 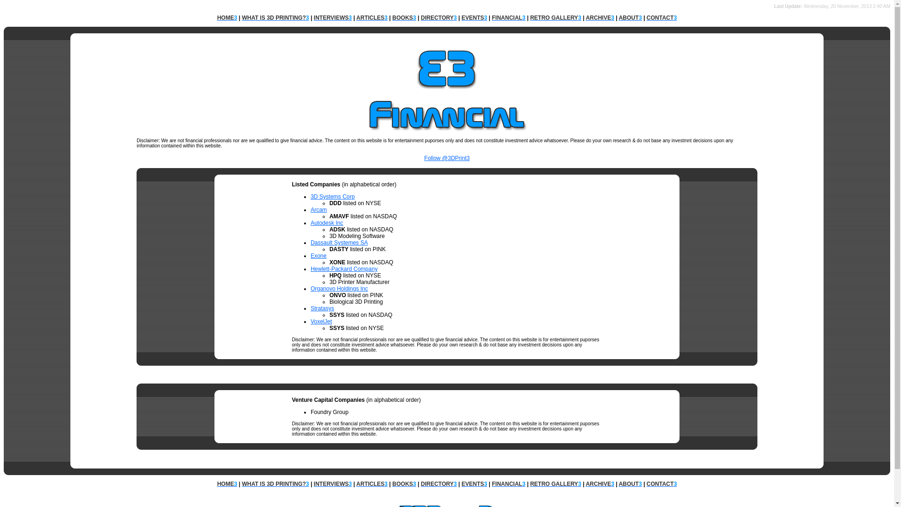 I want to click on 'ABOUT3', so click(x=630, y=484).